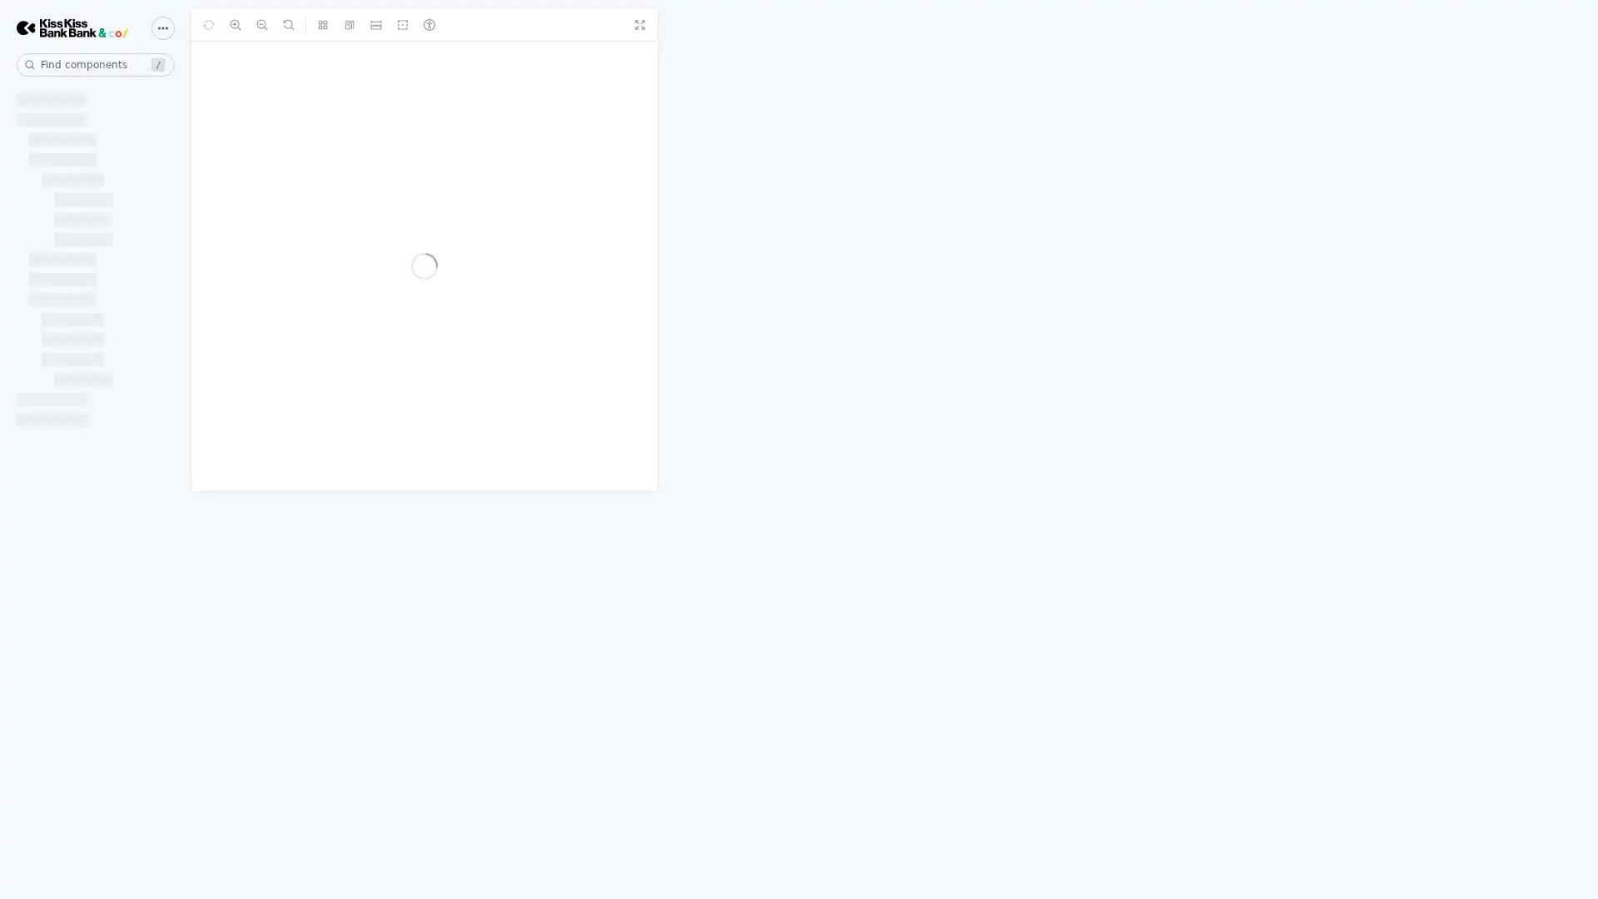 The height and width of the screenshot is (899, 1598). I want to click on Change the size of the preview, so click(504, 25).